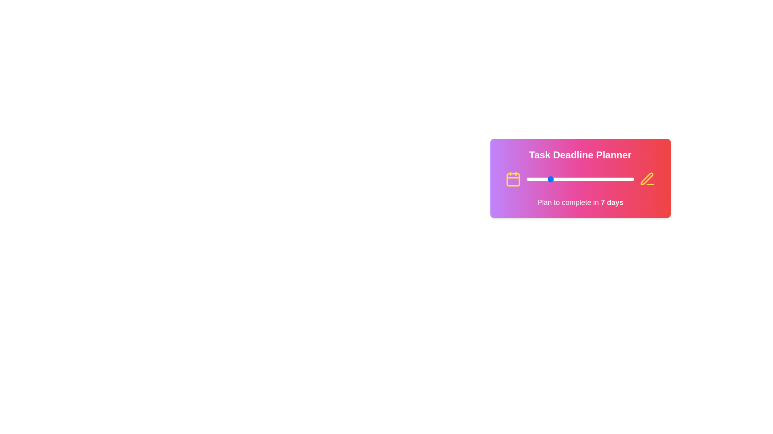  I want to click on the pencil icon to initiate editing the task deadline, so click(647, 179).